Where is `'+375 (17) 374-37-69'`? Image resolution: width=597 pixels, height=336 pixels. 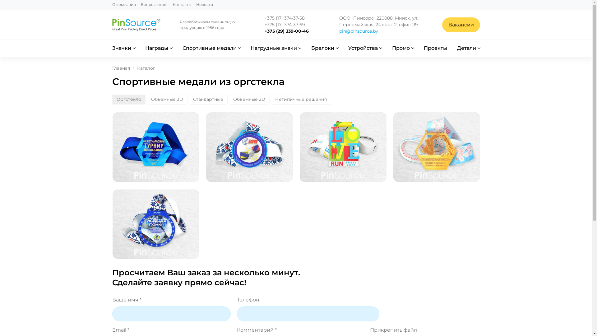
'+375 (17) 374-37-69' is located at coordinates (287, 24).